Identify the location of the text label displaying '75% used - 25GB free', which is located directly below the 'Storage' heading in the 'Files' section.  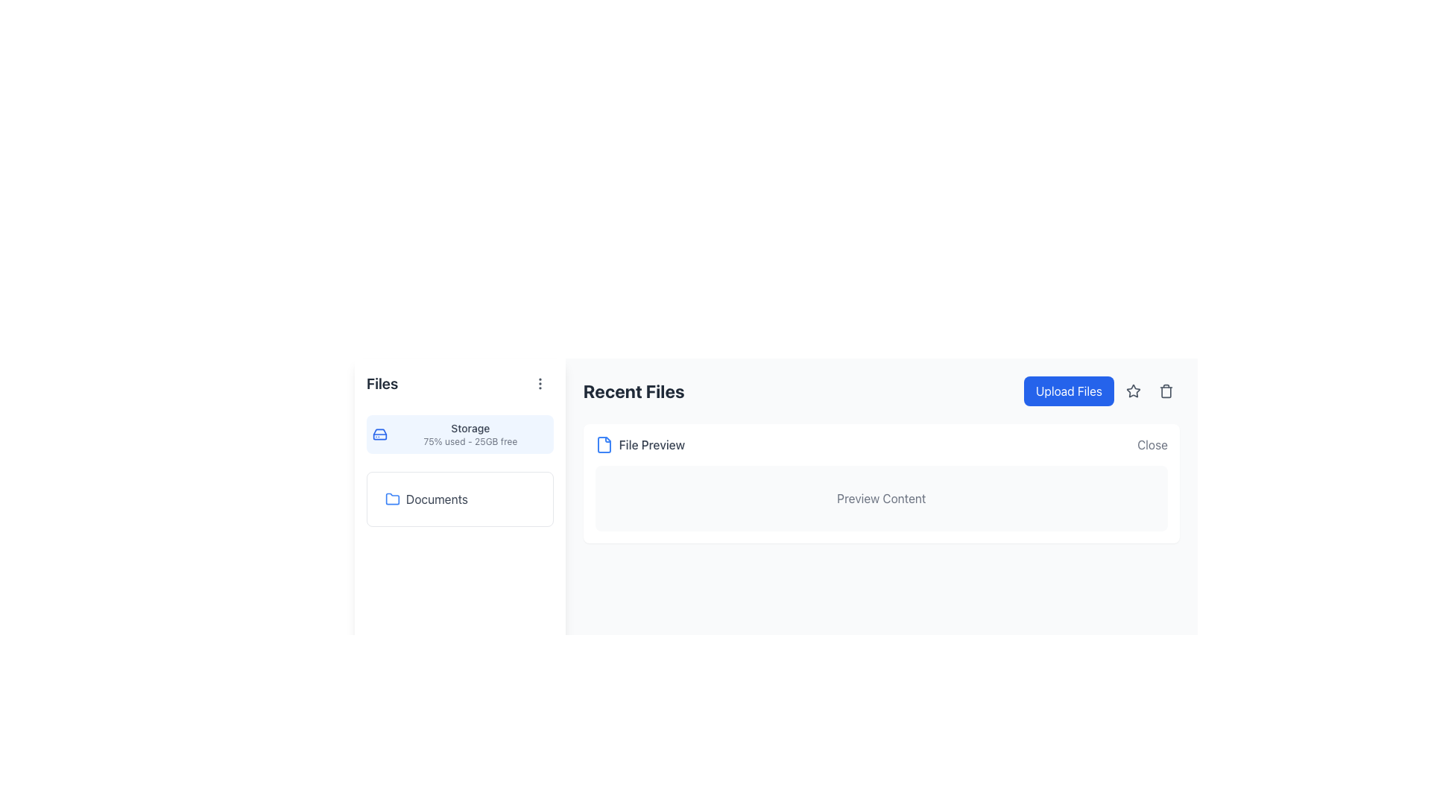
(470, 441).